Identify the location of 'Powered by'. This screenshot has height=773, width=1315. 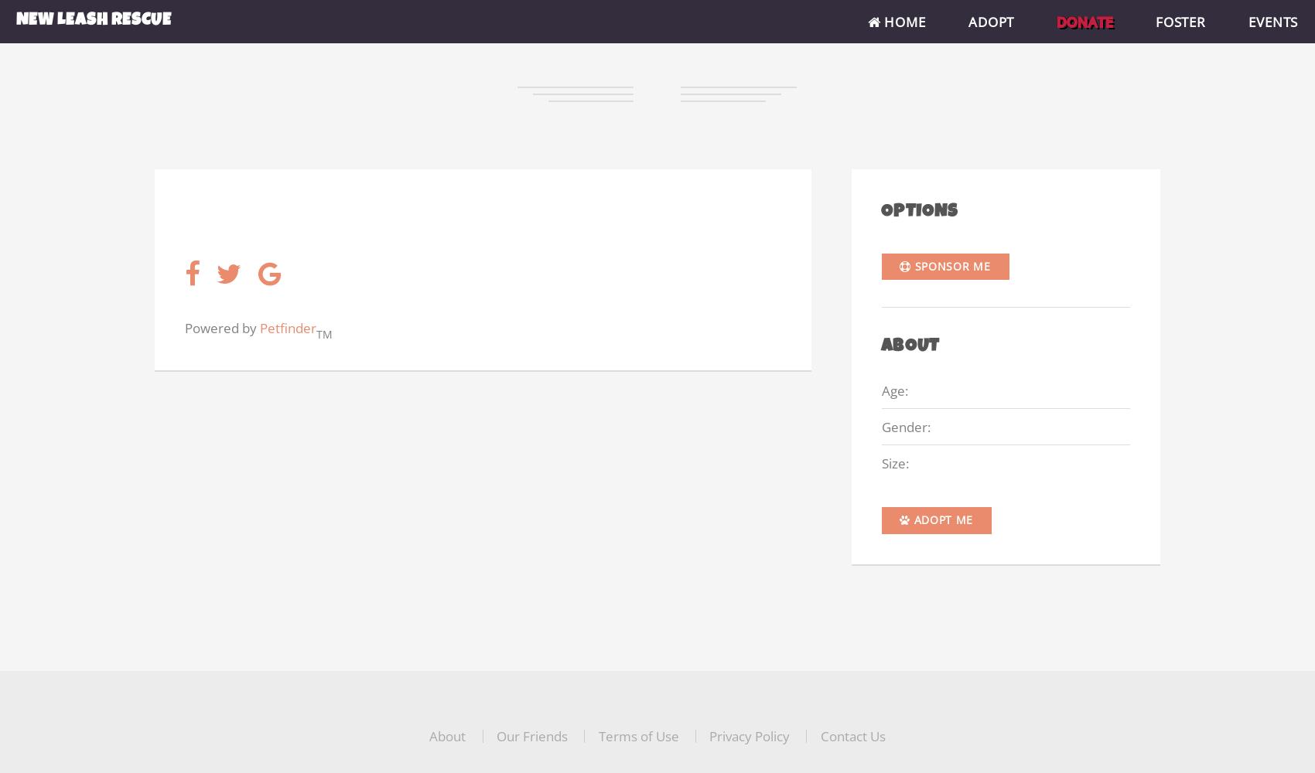
(185, 327).